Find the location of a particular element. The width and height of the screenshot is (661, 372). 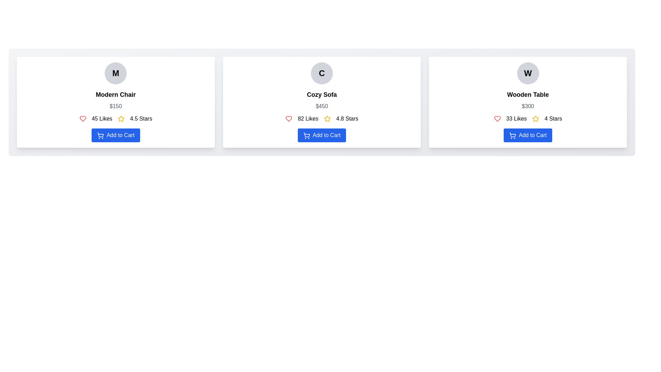

text label that serves as the title of the item in the product card, positioned between the circular icon and the price tag is located at coordinates (116, 94).